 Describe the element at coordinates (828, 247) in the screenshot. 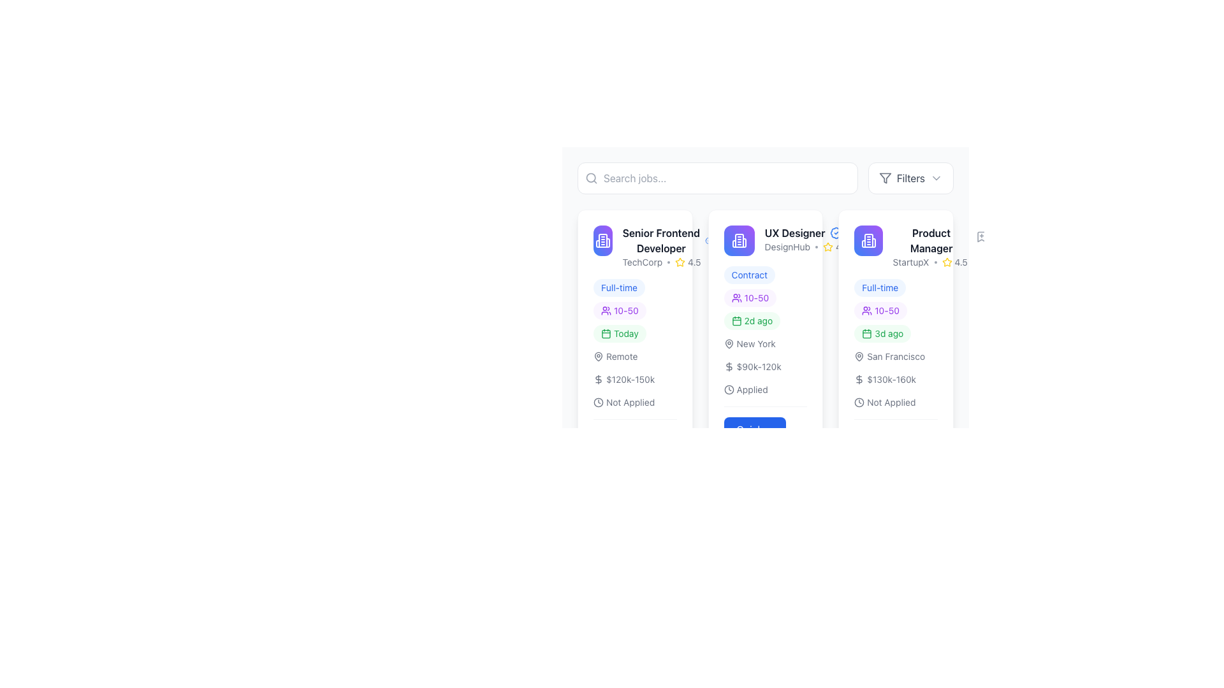

I see `the yellow star-shaped icon located in the upper right corner of the 'UX Designer' job listing card to interact with it` at that location.